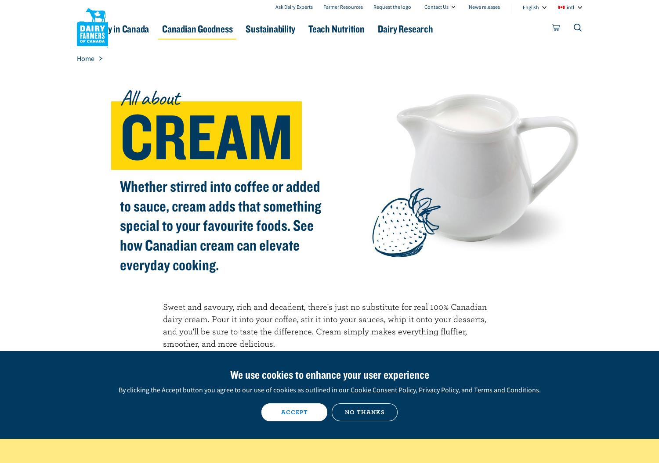 This screenshot has height=463, width=659. I want to click on 'Sweet and savoury, rich and decadent, there's just no substitute for real 100% Canadian dairy cream. Pour it into your coffee, stir it into your sauces, whip it onto your desserts, and you'll be sure to taste the difference. Cream simply makes everything fluffier, smoother, and more delicious.', so click(324, 325).